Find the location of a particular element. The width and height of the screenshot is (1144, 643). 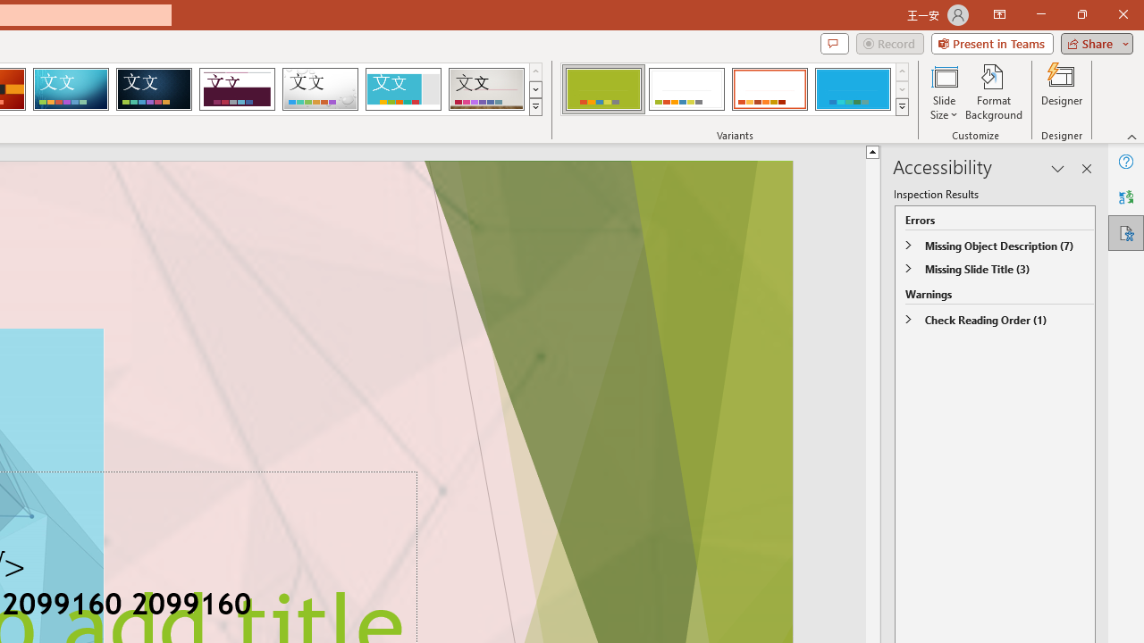

'Format Background' is located at coordinates (993, 92).